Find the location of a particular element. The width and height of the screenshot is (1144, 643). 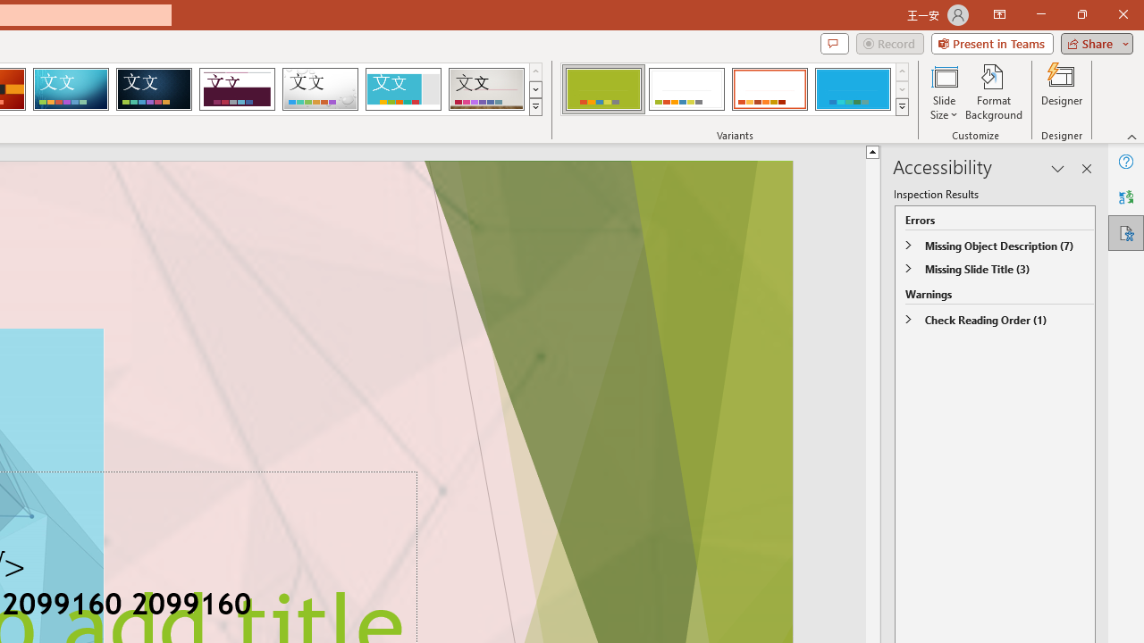

'Format Background' is located at coordinates (993, 92).